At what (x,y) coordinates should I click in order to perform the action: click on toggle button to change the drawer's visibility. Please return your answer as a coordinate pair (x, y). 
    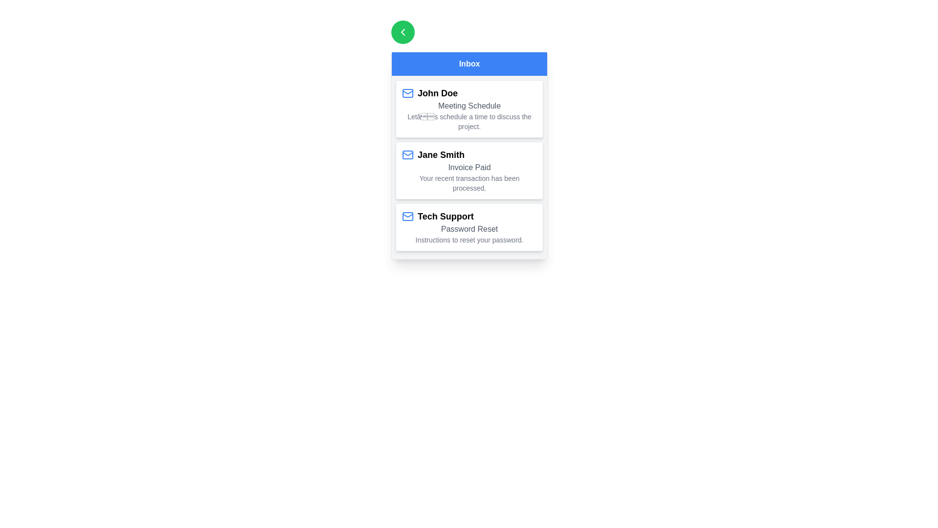
    Looking at the image, I should click on (403, 31).